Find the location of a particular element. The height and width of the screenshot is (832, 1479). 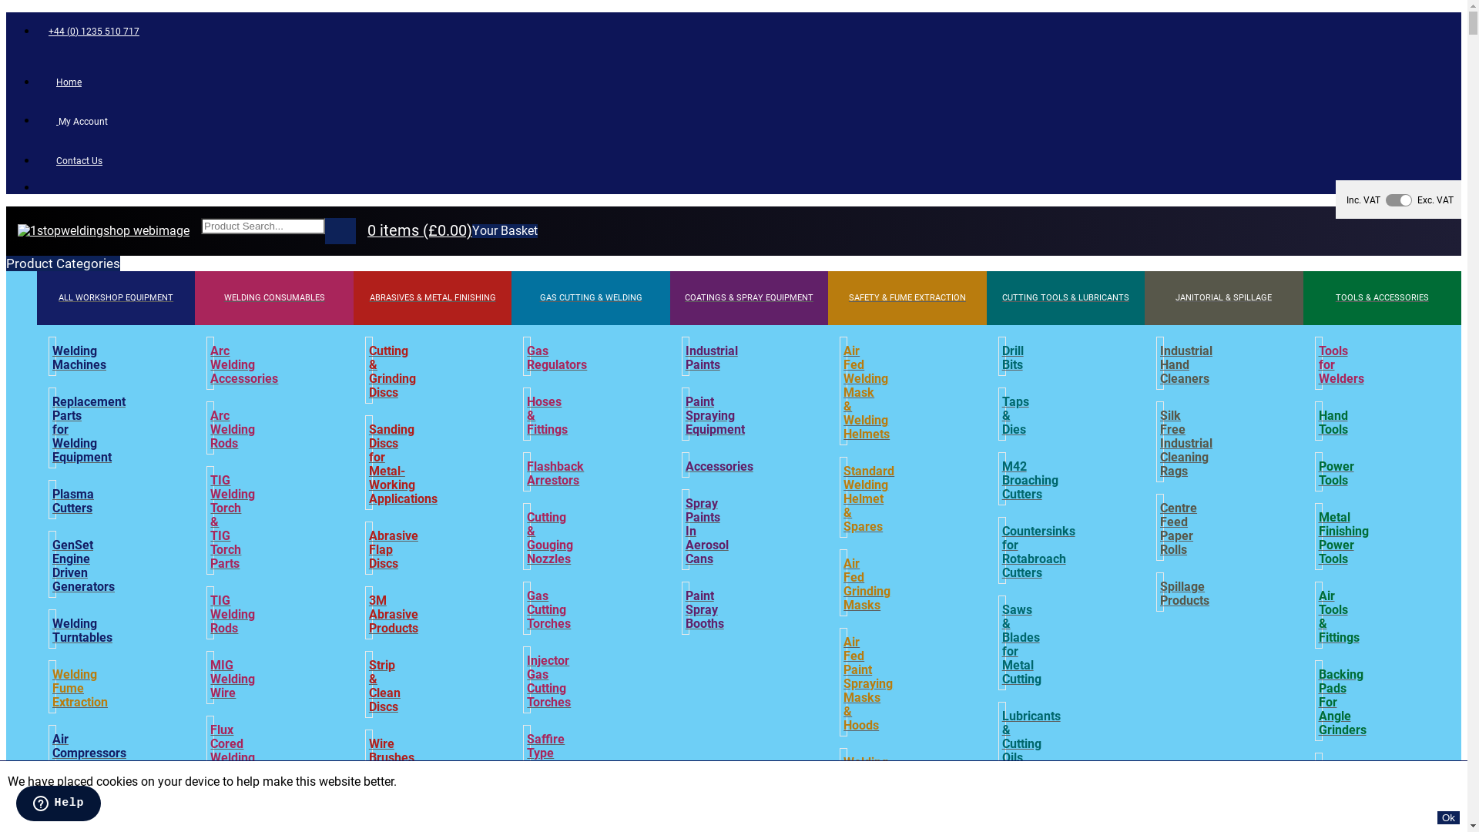

'Strip & Clean Discs' is located at coordinates (384, 686).